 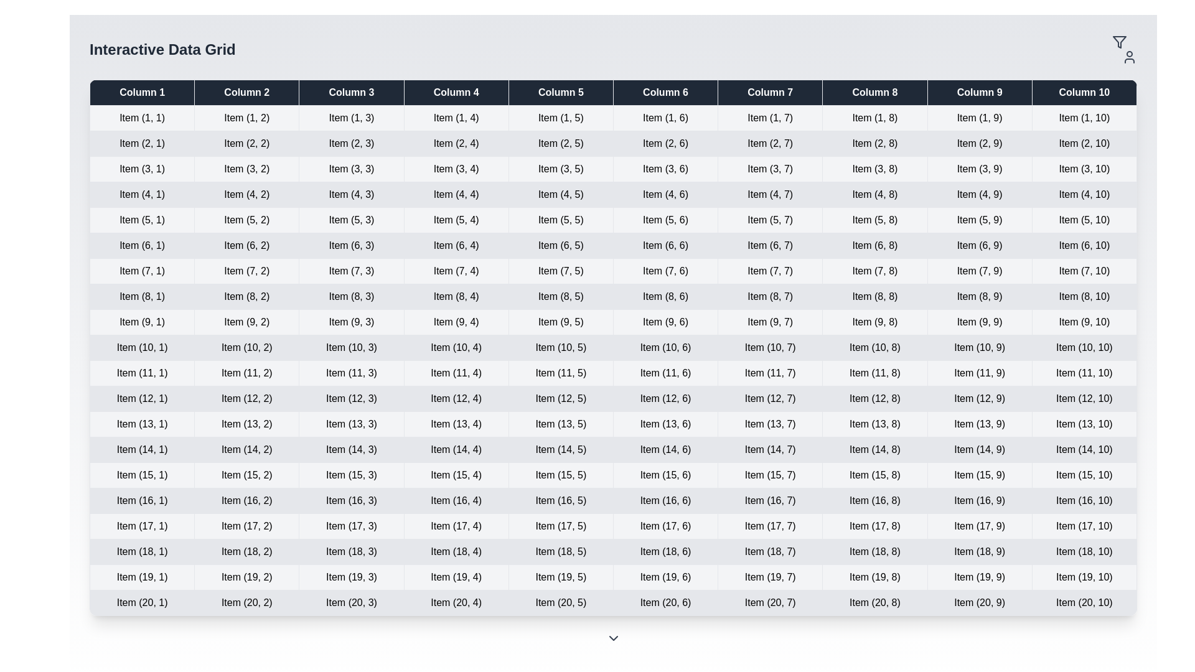 What do you see at coordinates (1120, 42) in the screenshot?
I see `the filter control icon in the top-right corner of the header` at bounding box center [1120, 42].